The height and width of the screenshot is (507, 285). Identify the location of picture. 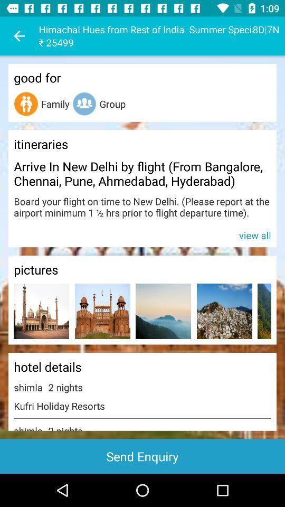
(163, 311).